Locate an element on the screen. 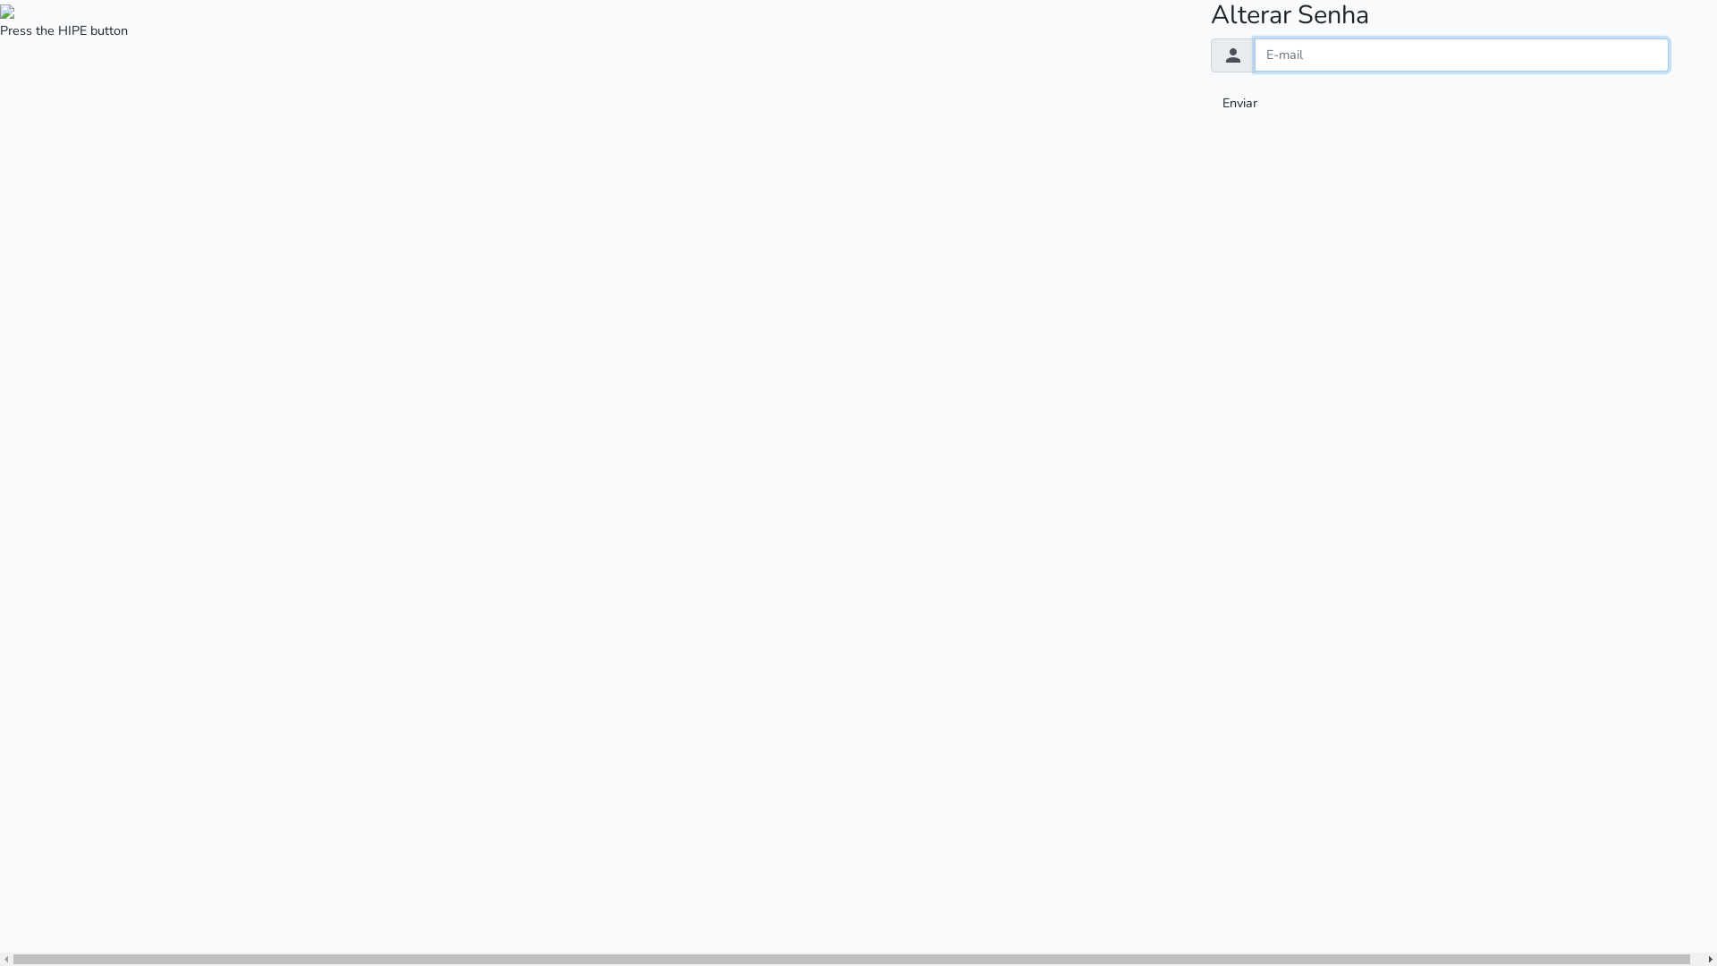  'Enviar' is located at coordinates (1210, 103).